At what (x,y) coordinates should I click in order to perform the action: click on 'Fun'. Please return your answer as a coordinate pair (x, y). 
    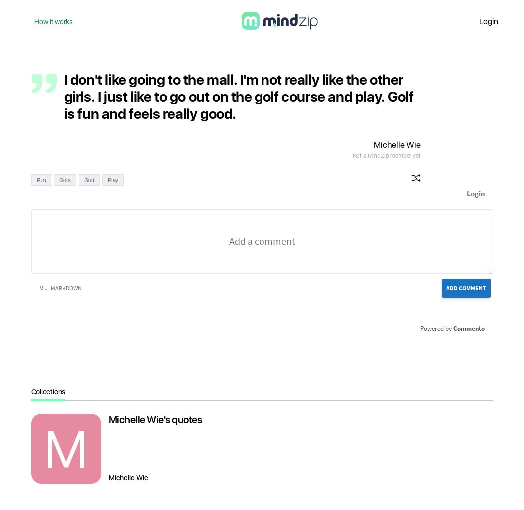
    Looking at the image, I should click on (41, 180).